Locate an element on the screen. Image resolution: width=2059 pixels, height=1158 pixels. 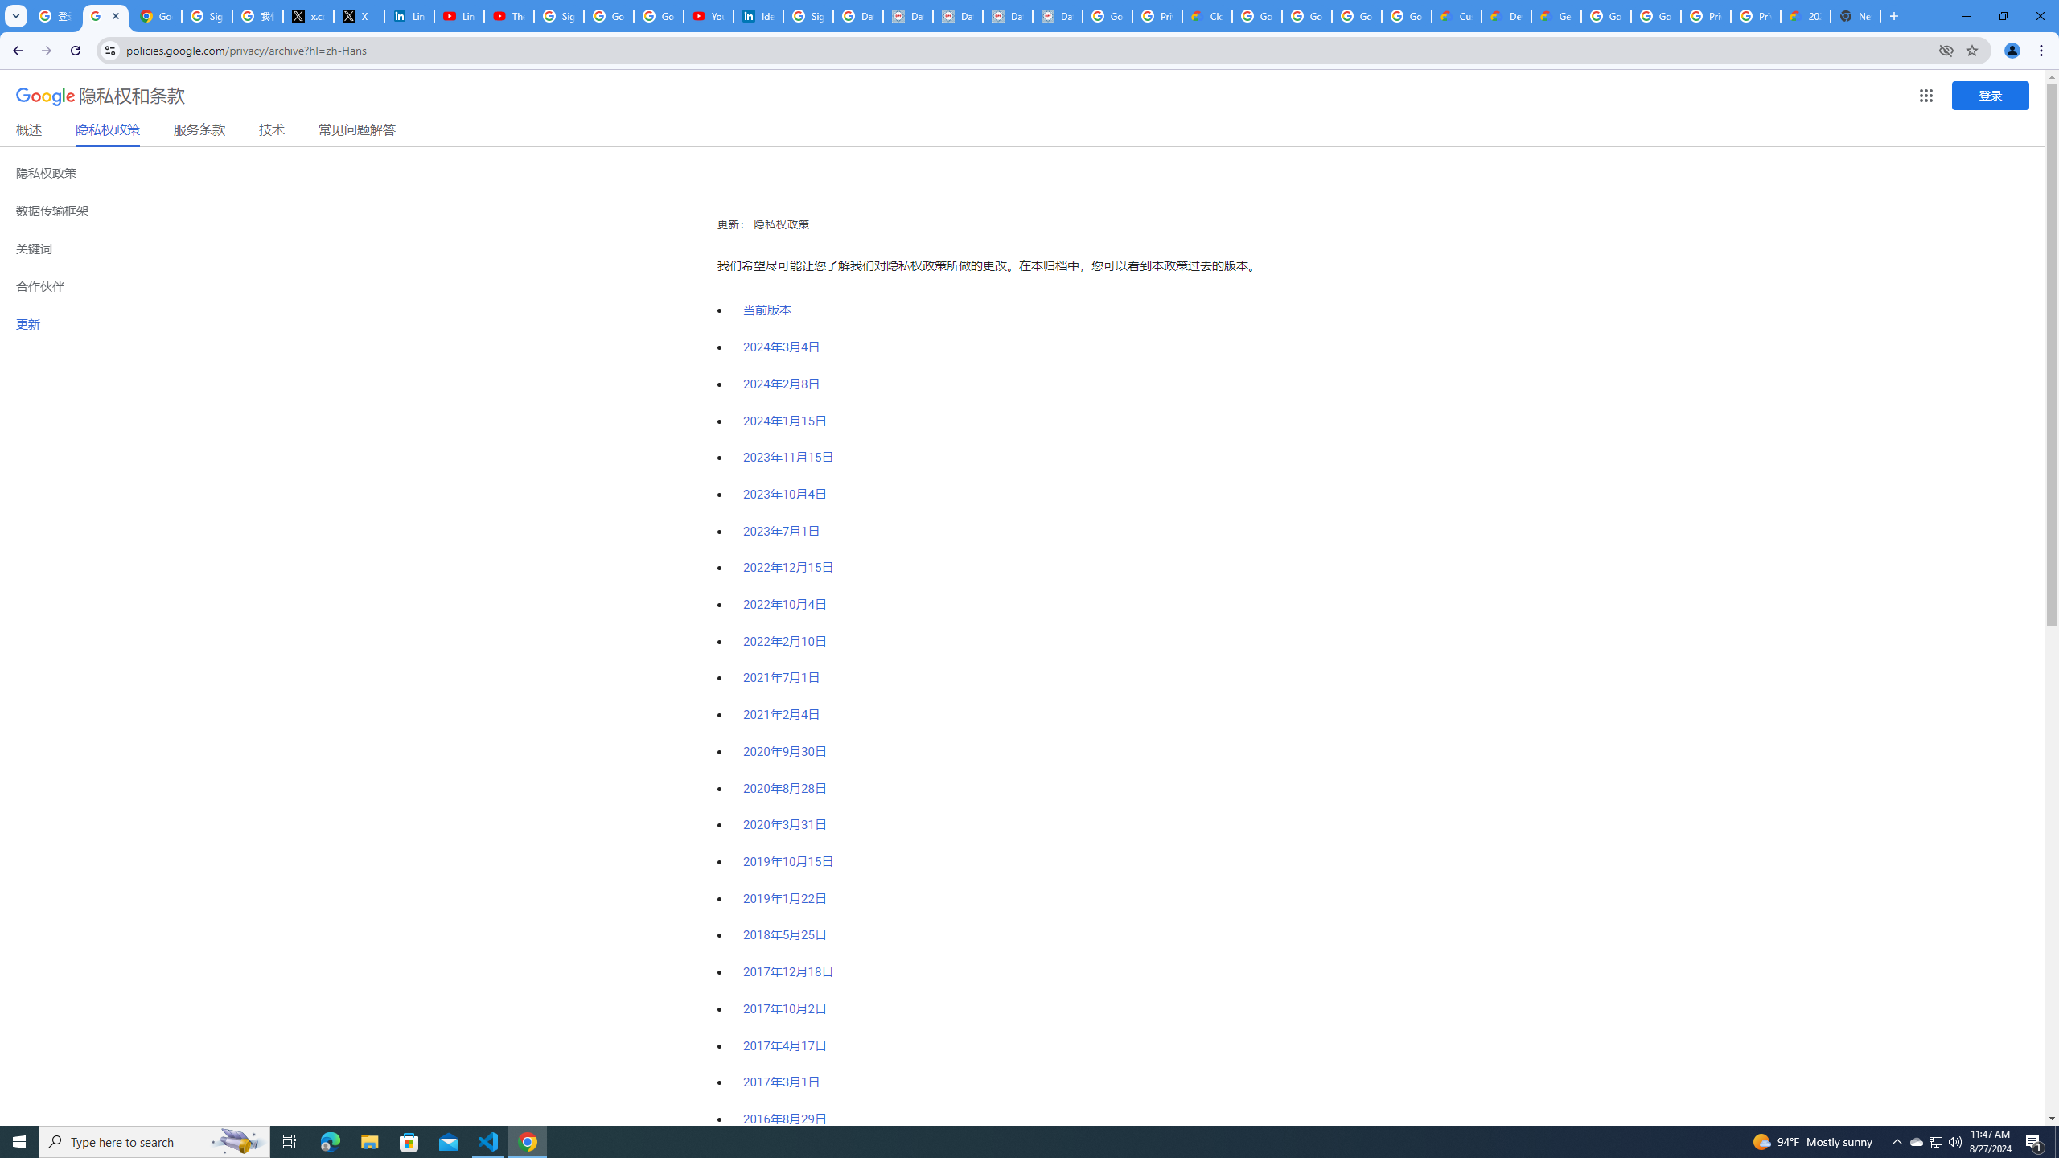
'Gemini for Business and Developers | Google Cloud' is located at coordinates (1555, 15).